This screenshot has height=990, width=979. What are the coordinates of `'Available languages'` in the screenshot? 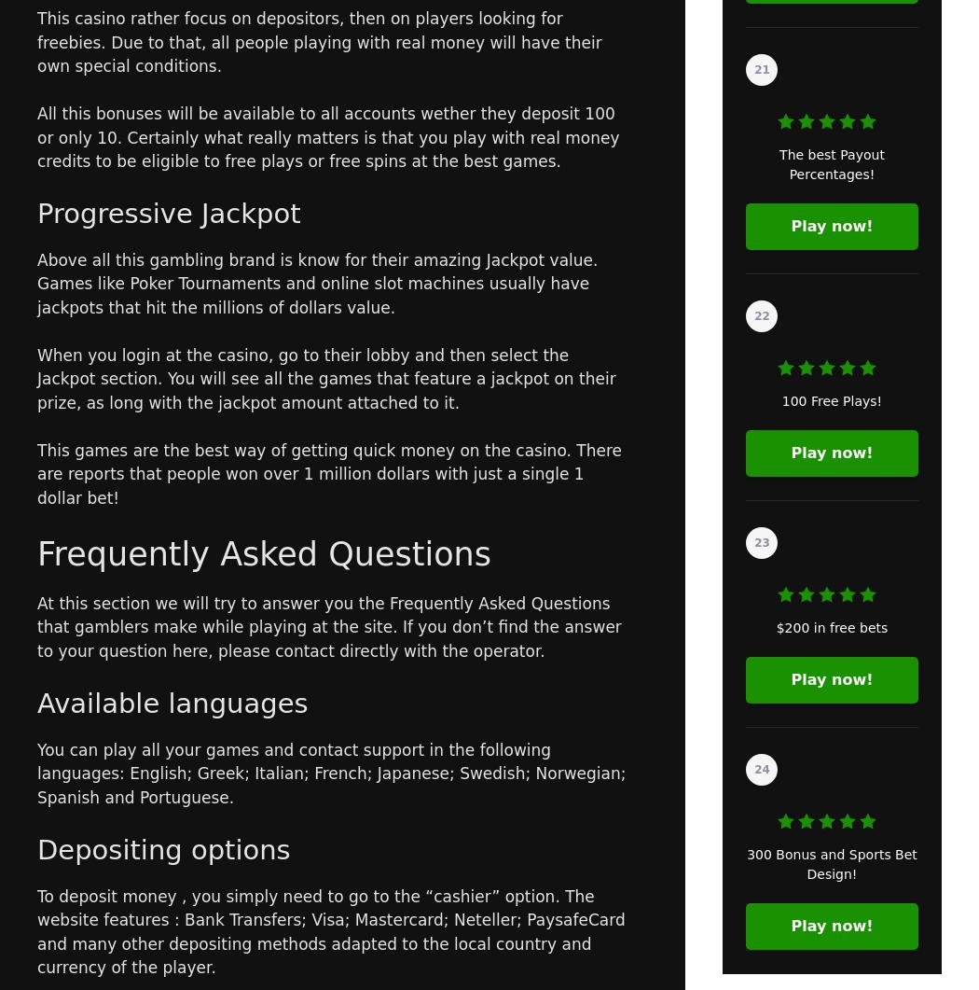 It's located at (172, 702).